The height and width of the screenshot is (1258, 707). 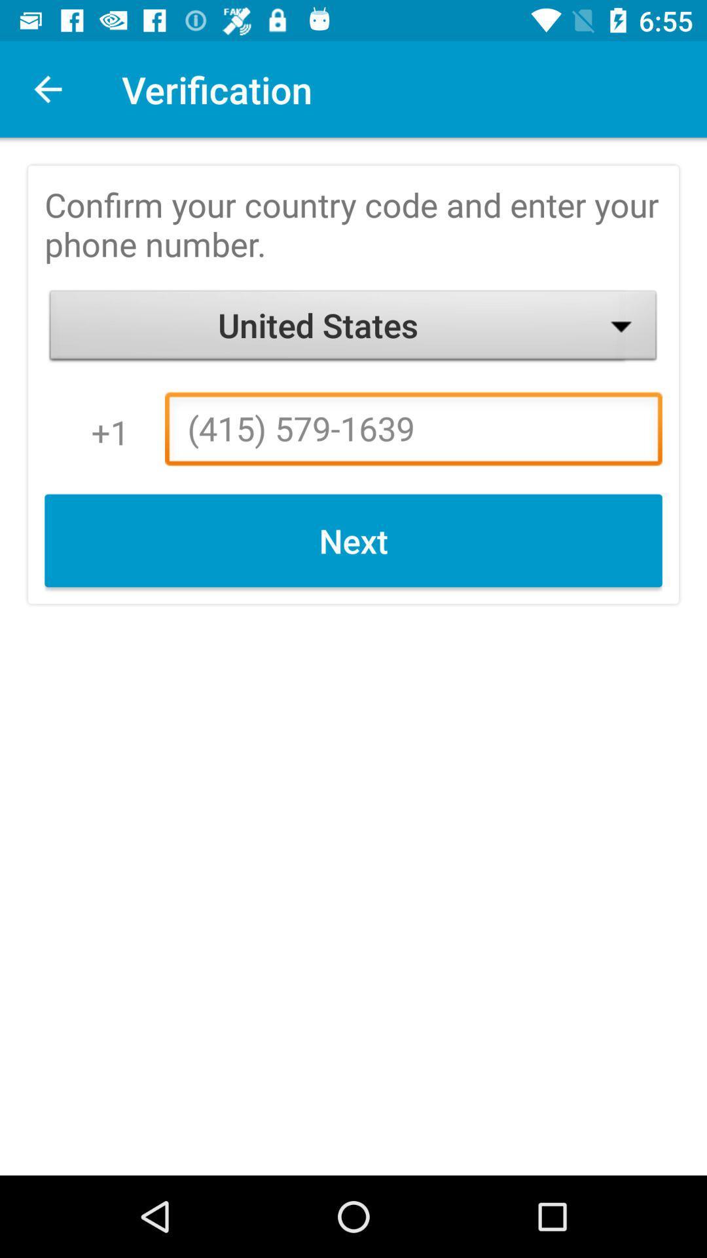 I want to click on icon to the left of   verification item, so click(x=47, y=88).